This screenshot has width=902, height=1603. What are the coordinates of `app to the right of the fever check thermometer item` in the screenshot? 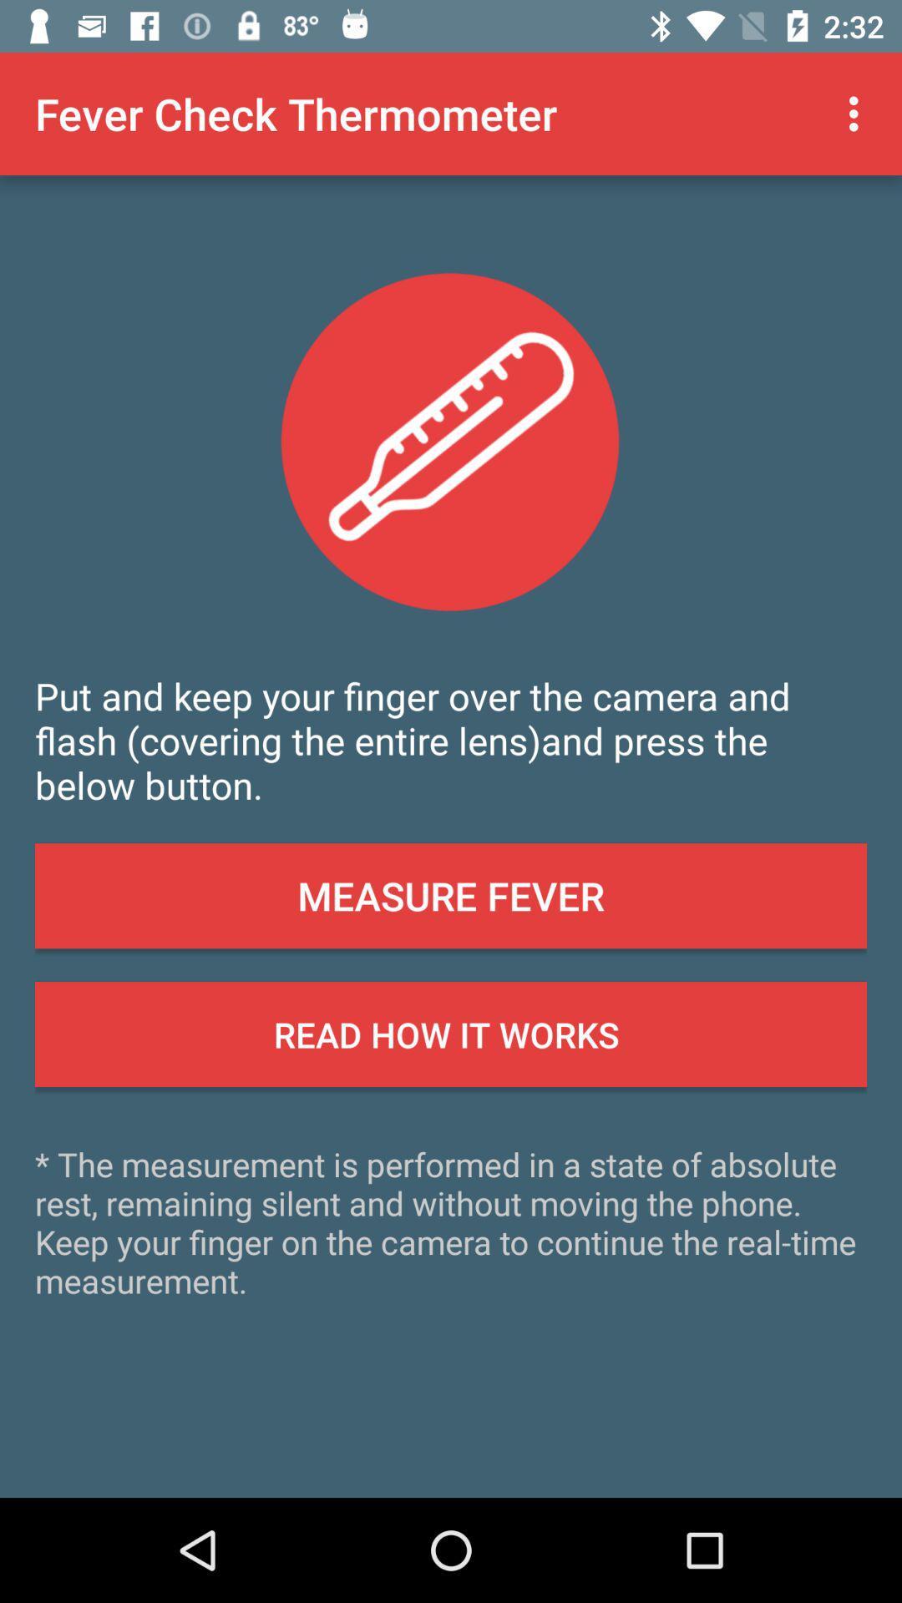 It's located at (858, 113).